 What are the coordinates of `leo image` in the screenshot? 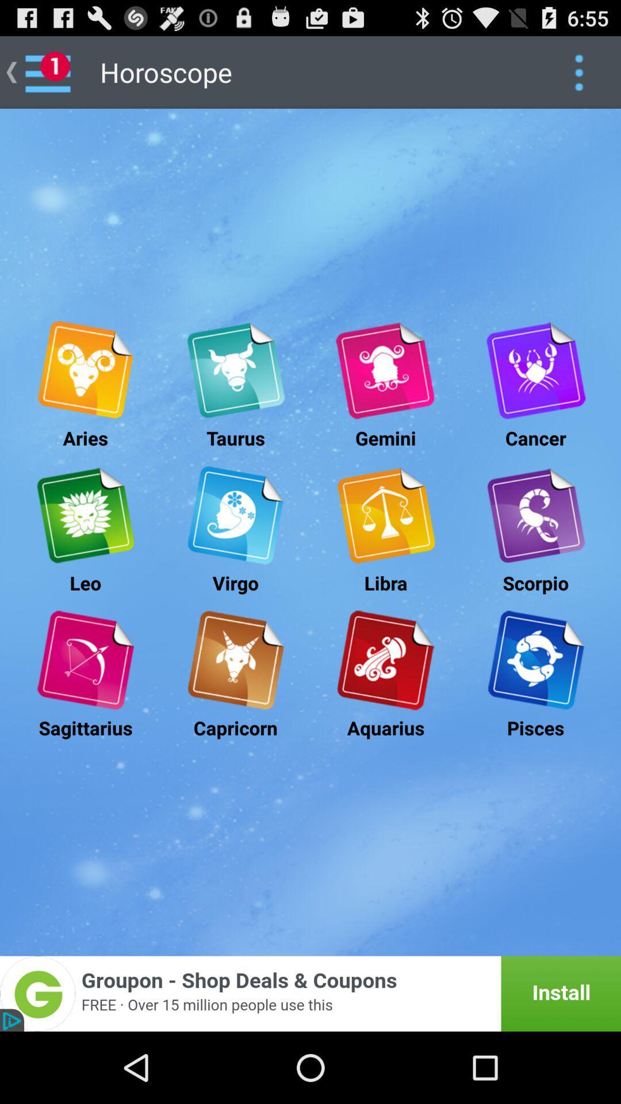 It's located at (85, 515).